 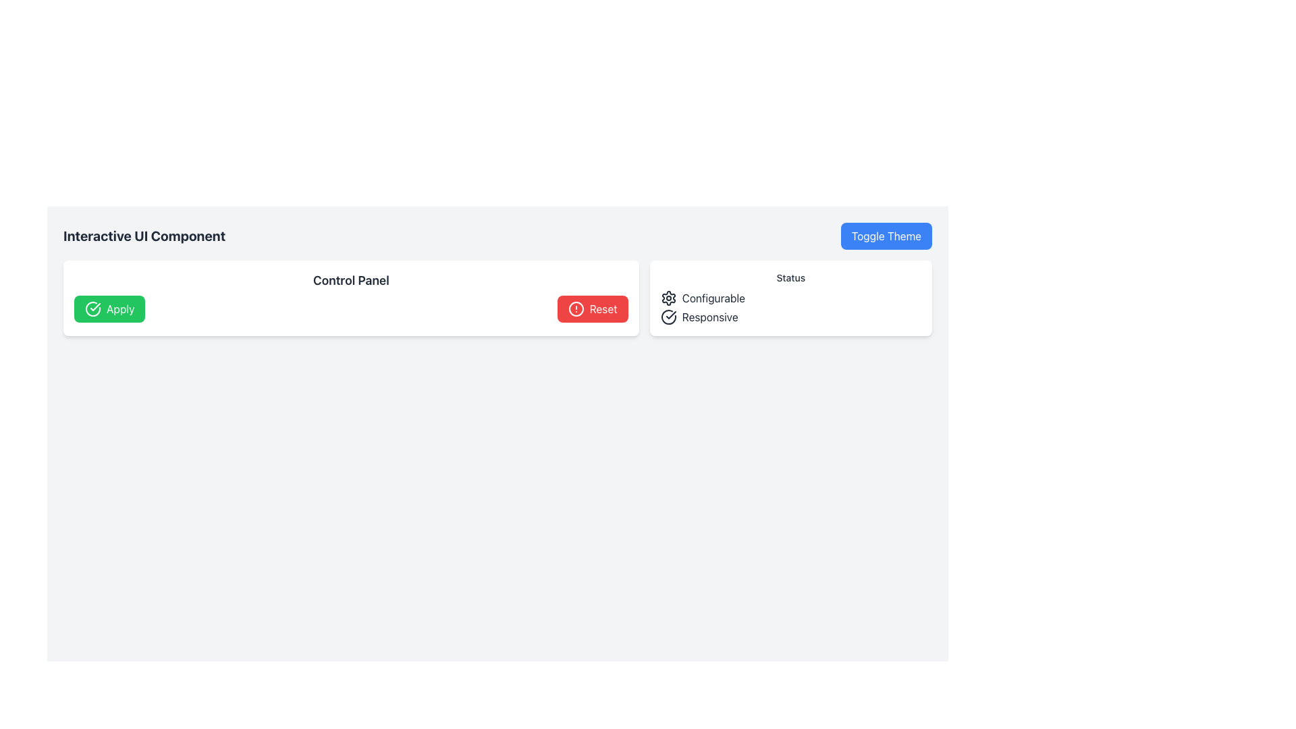 What do you see at coordinates (92, 309) in the screenshot?
I see `the circular outline of the checkmark icon within the green 'Apply' button located in the top-left section of the interface` at bounding box center [92, 309].